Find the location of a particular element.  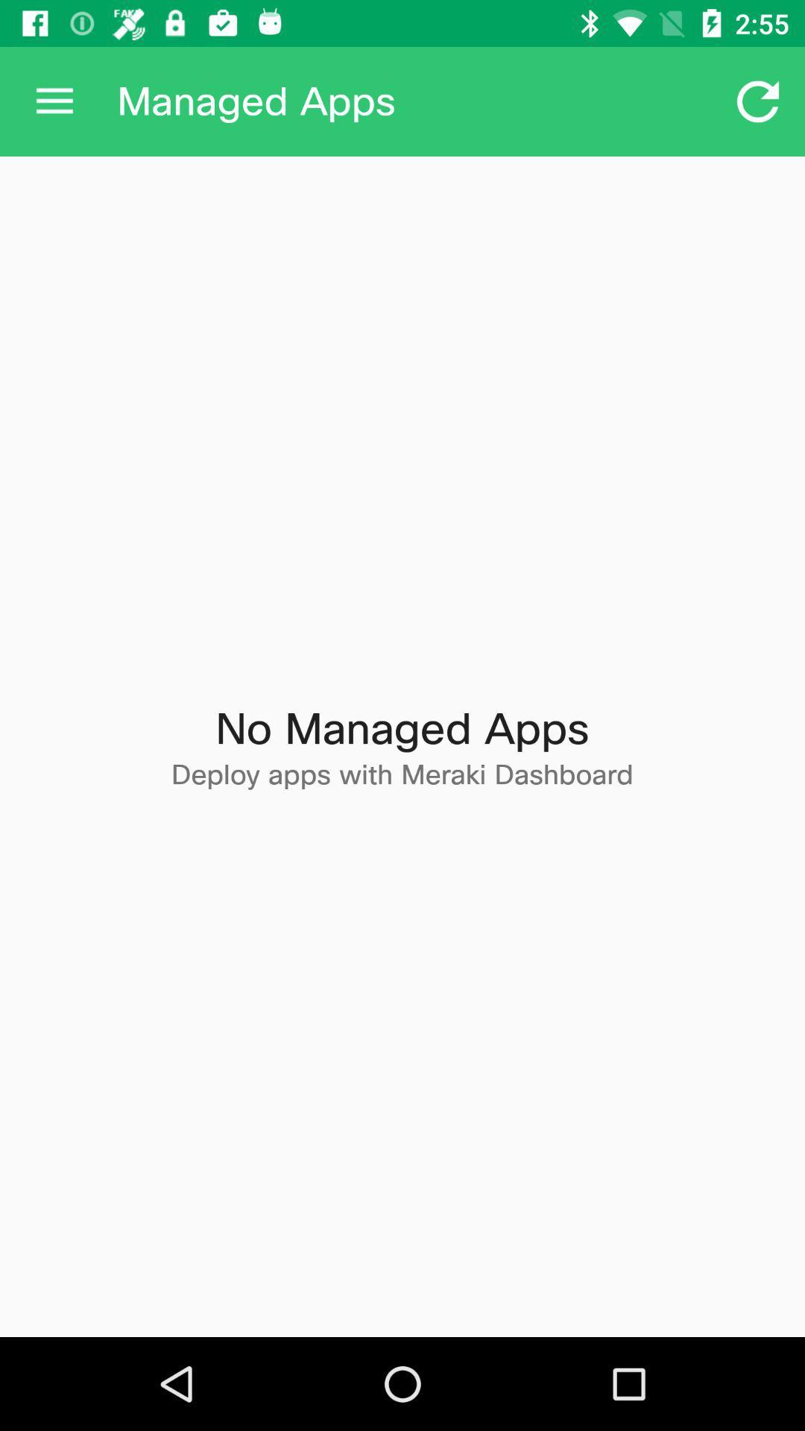

icon at the top right corner is located at coordinates (758, 101).